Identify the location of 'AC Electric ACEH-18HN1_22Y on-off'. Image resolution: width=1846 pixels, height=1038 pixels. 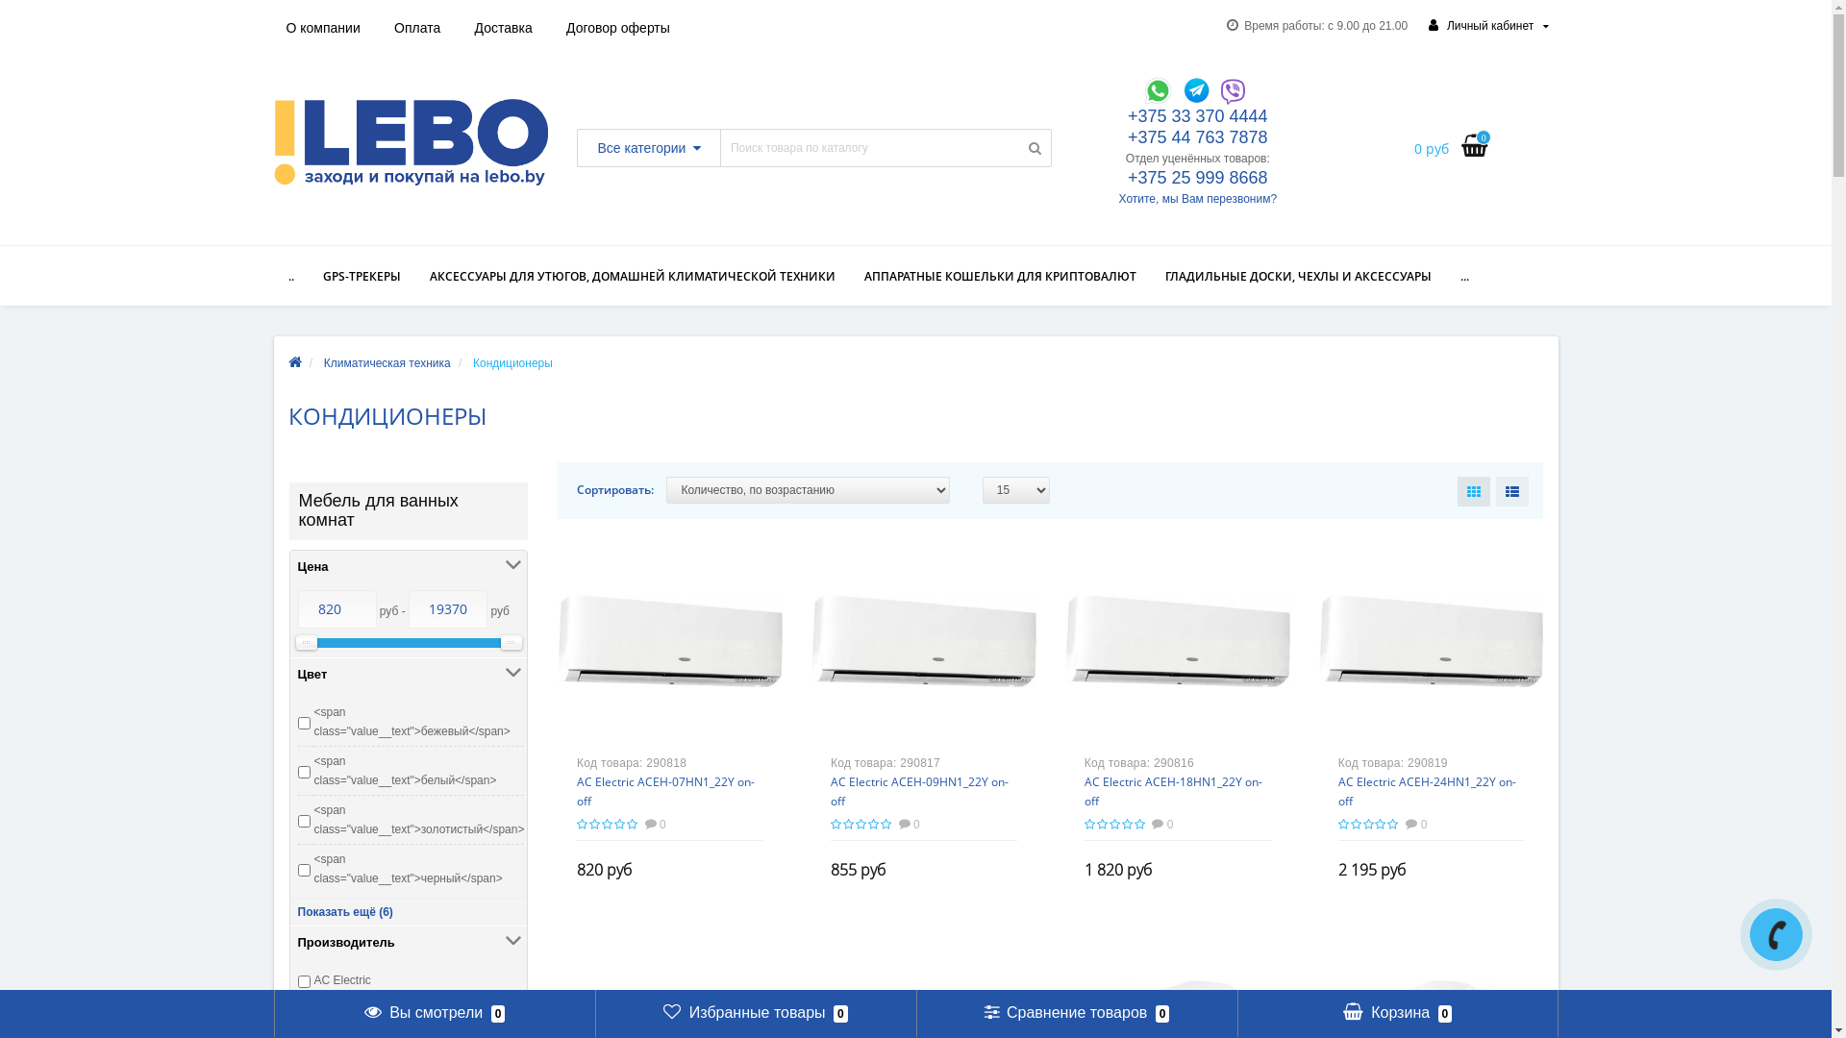
(1085, 791).